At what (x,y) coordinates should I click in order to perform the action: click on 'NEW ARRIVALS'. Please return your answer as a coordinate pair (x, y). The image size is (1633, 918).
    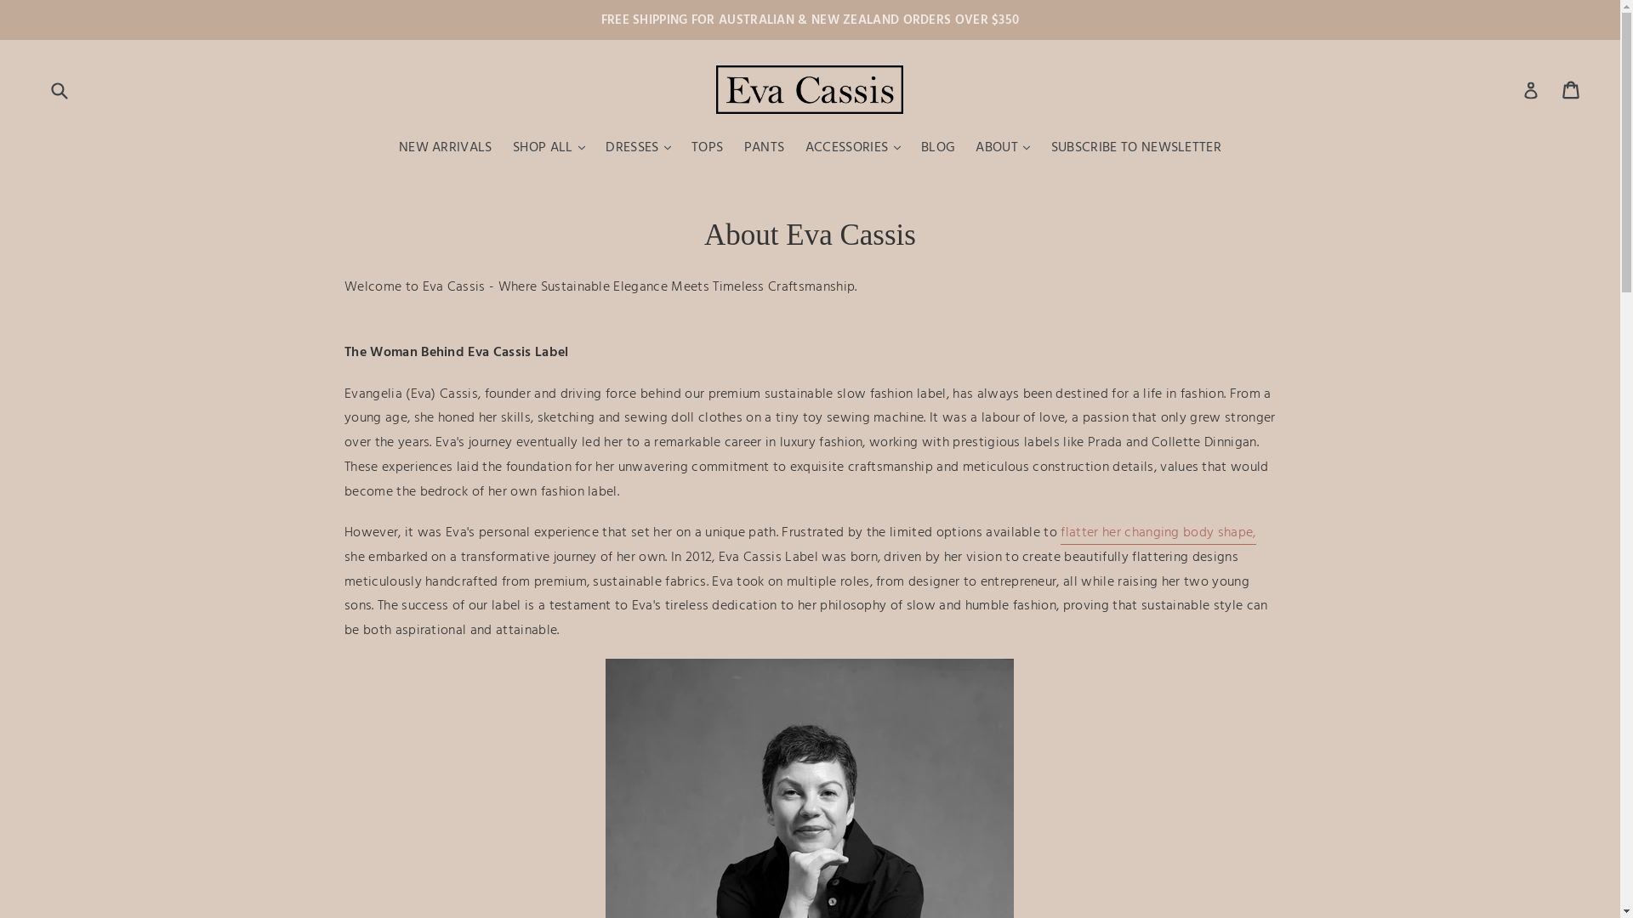
    Looking at the image, I should click on (445, 147).